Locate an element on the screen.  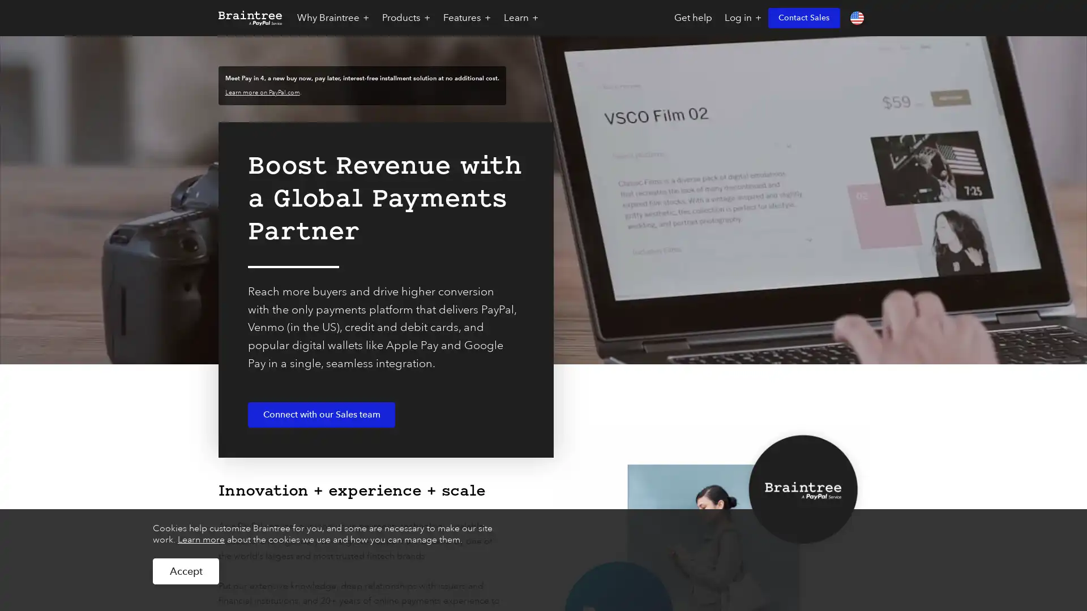
enter full screen is located at coordinates (1024, 455).